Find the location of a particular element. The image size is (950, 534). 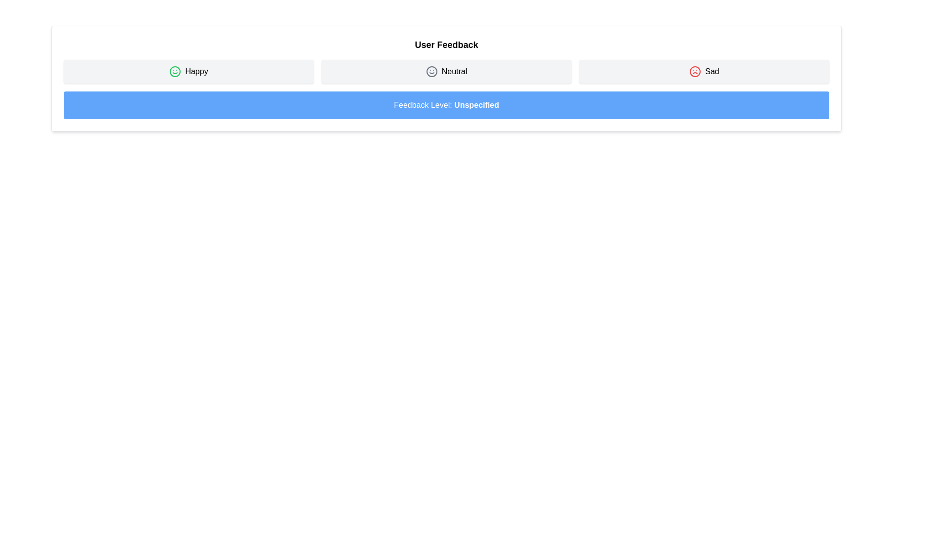

the circular neutral smiley face icon located centrally within the 'Neutral' feedback option in the feedback section is located at coordinates (431, 71).